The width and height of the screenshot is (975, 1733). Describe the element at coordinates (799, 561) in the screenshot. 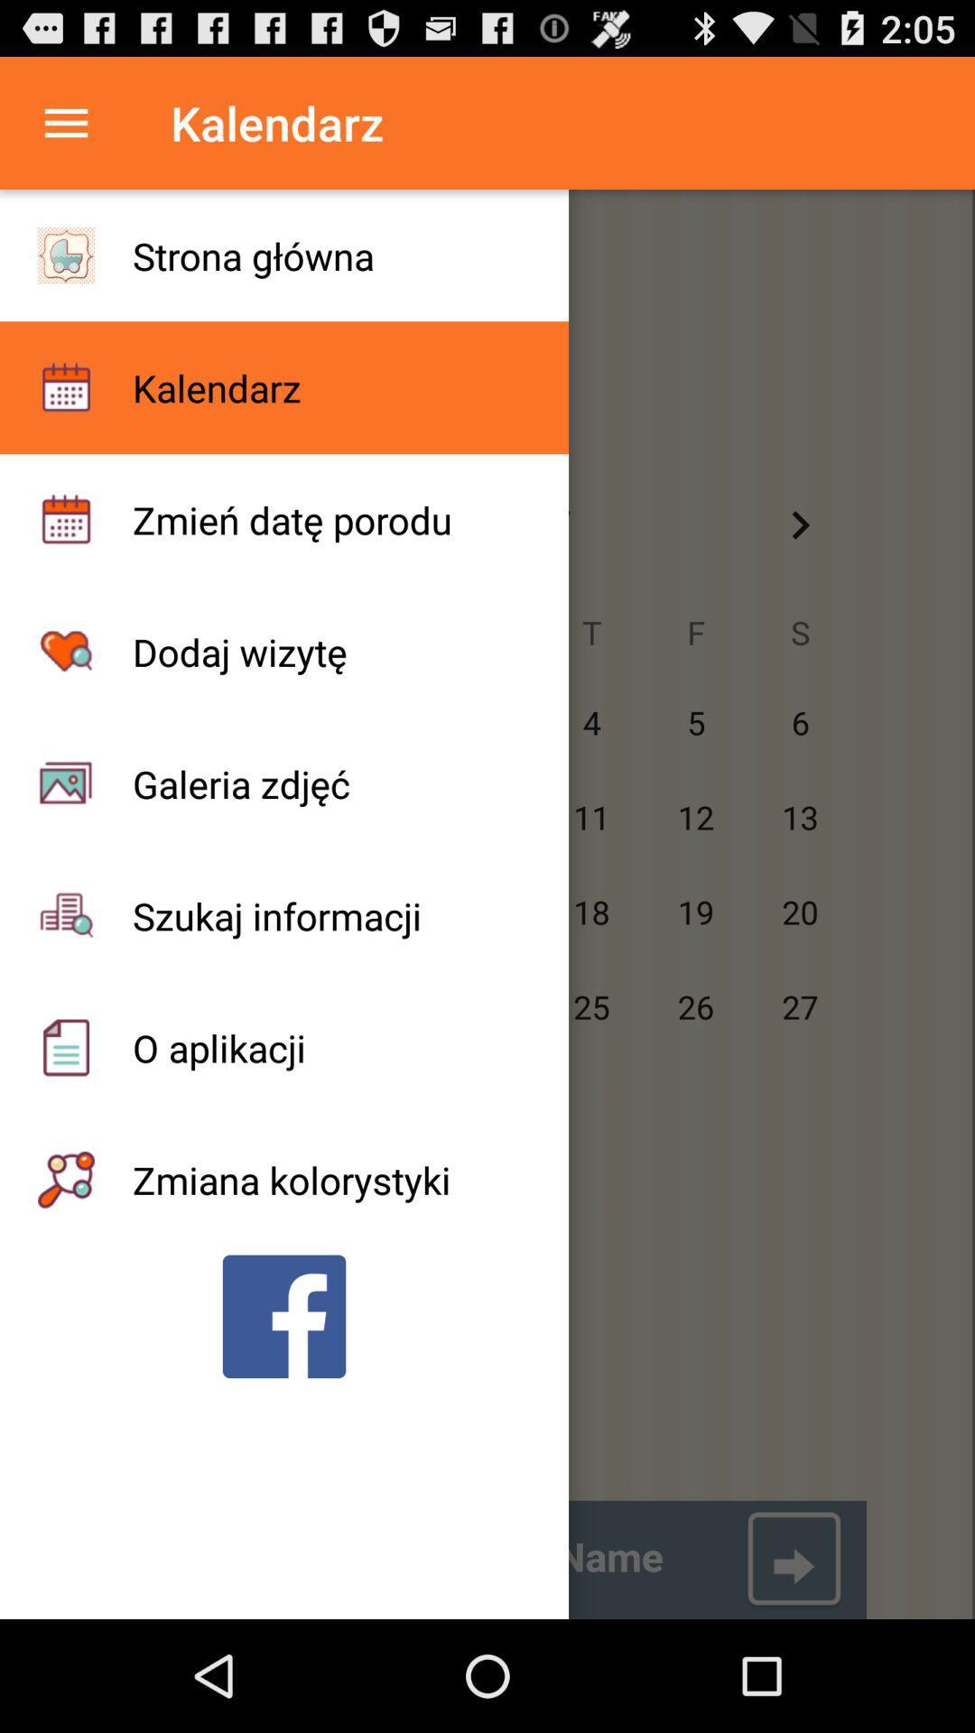

I see `the arrow_forward icon` at that location.